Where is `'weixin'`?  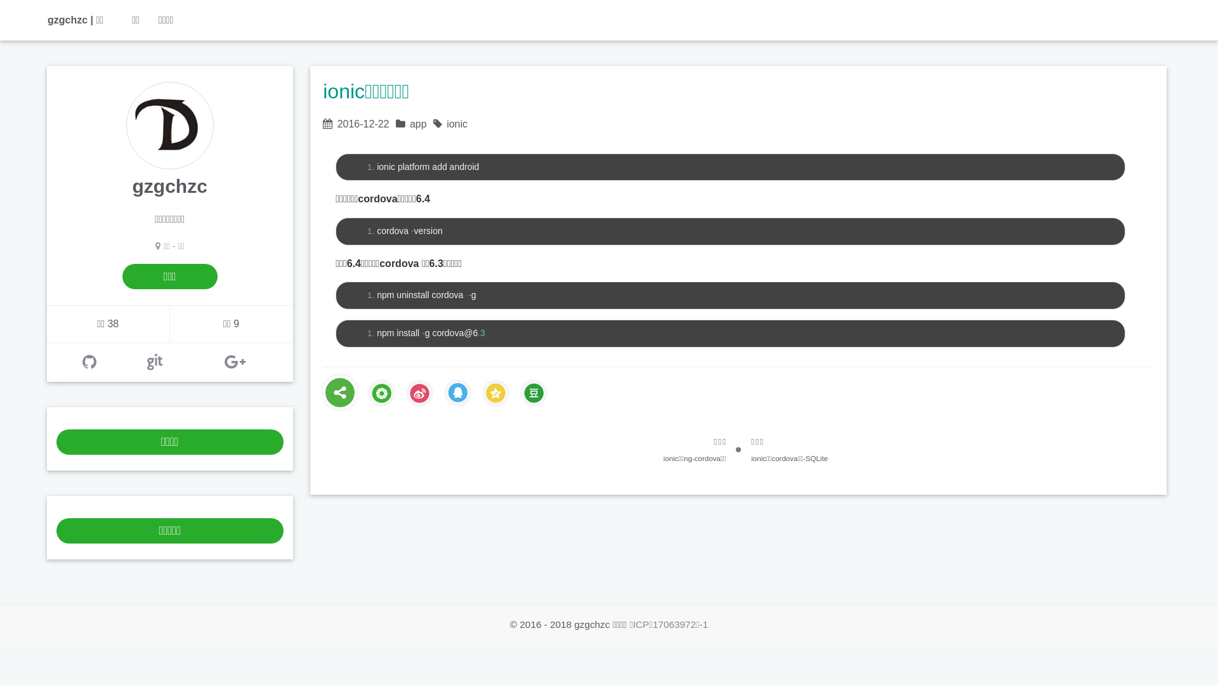
'weixin' is located at coordinates (381, 392).